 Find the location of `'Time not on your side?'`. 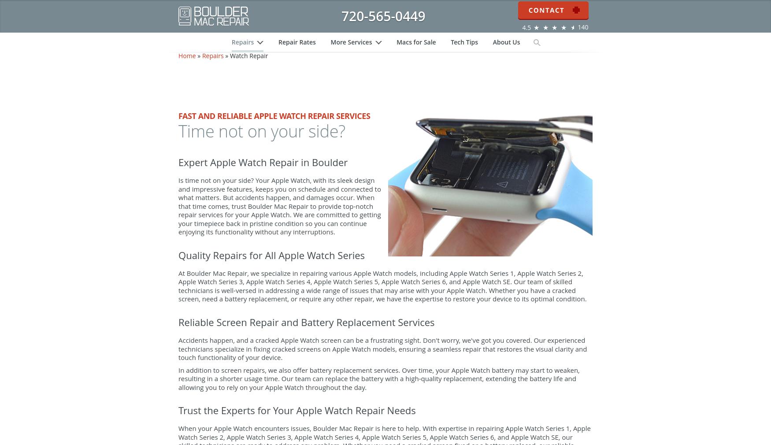

'Time not on your side?' is located at coordinates (178, 148).